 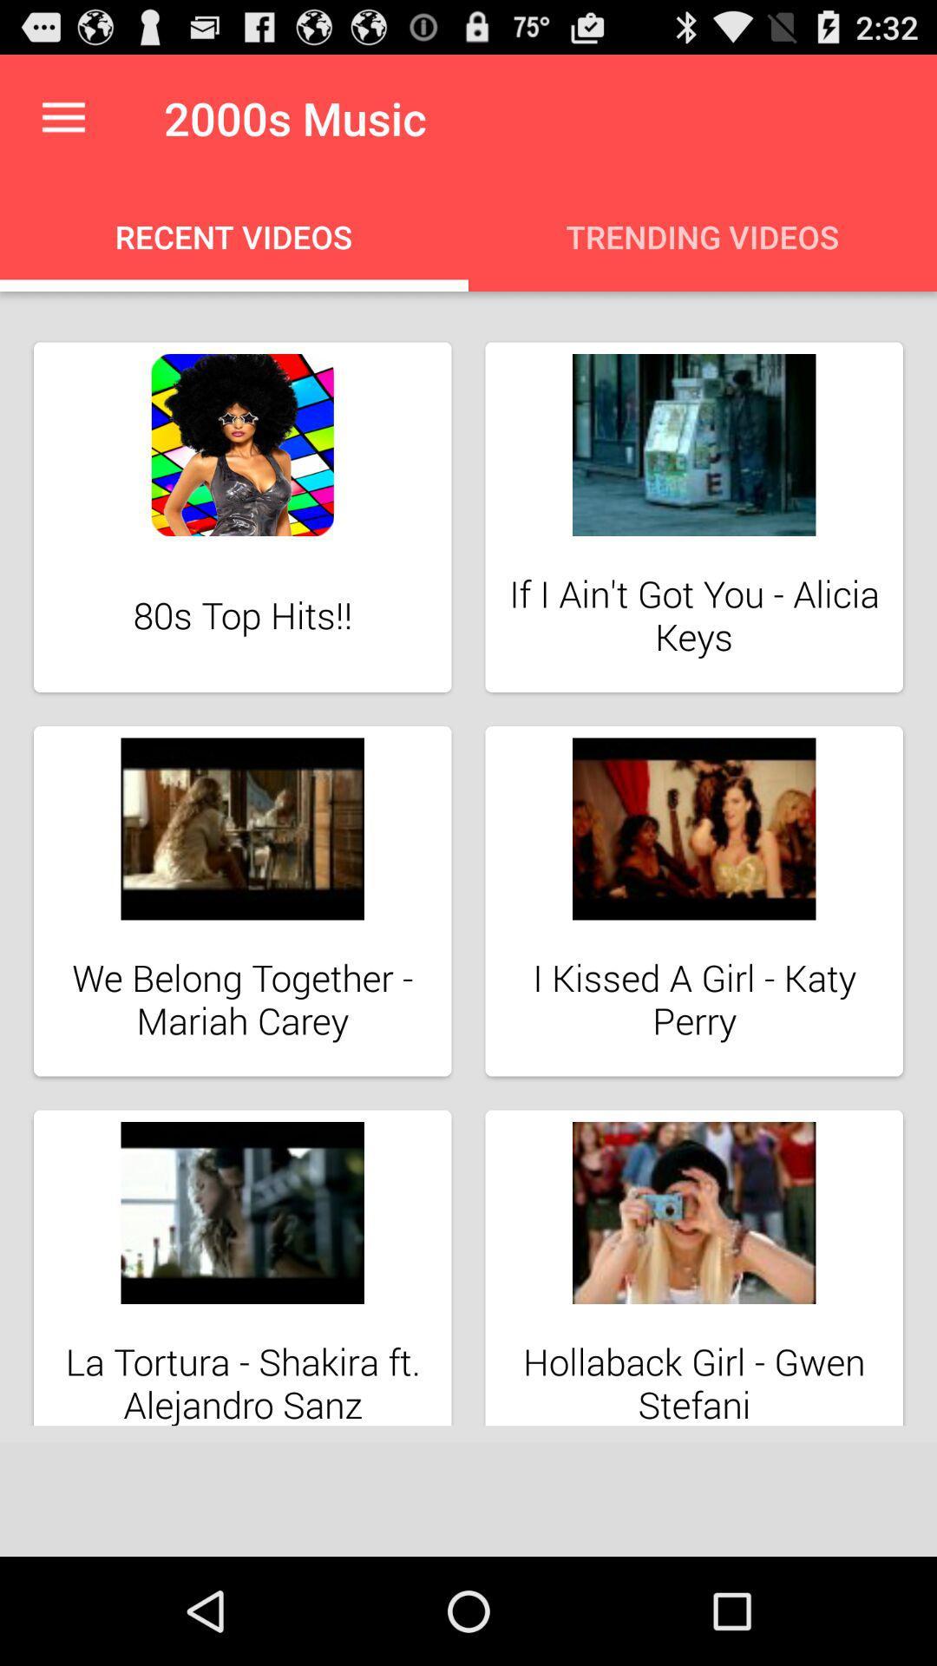 I want to click on the second image on right, so click(x=693, y=901).